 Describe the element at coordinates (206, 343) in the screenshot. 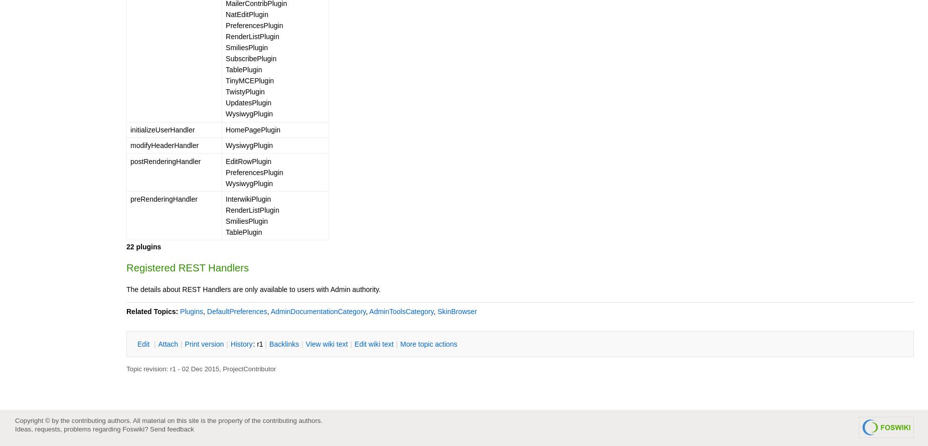

I see `'rint version'` at that location.